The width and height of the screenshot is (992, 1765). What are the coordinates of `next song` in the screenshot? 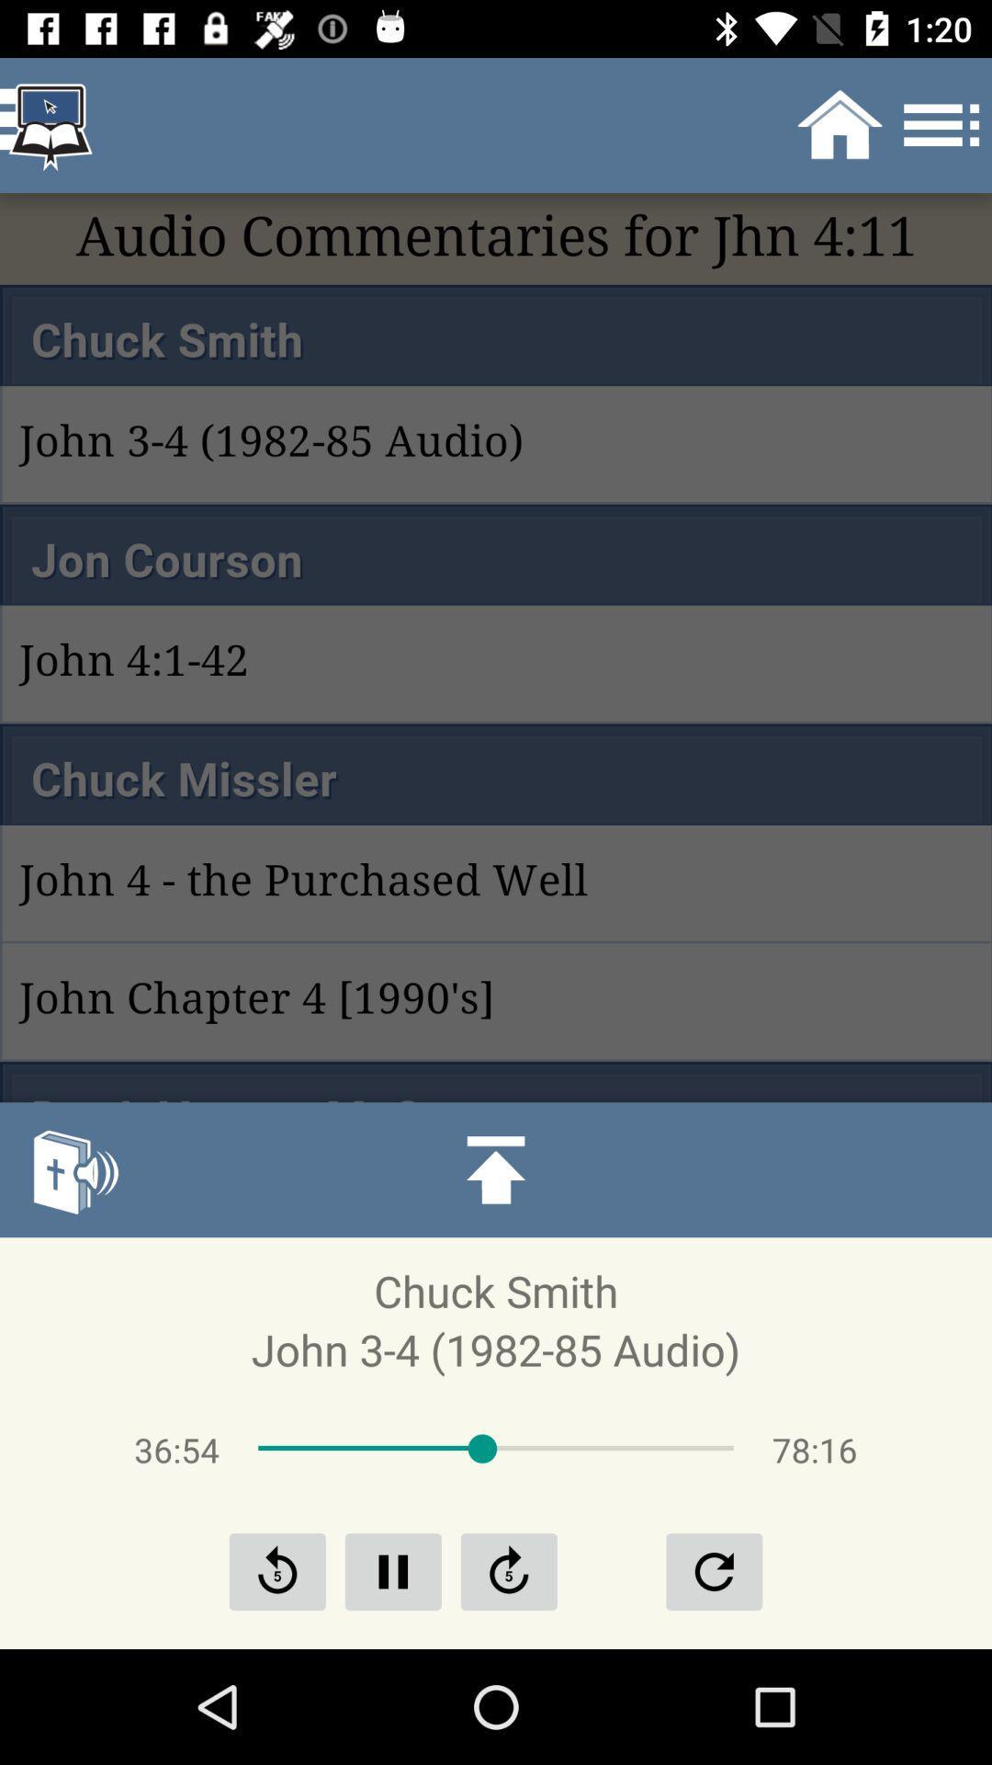 It's located at (509, 1570).